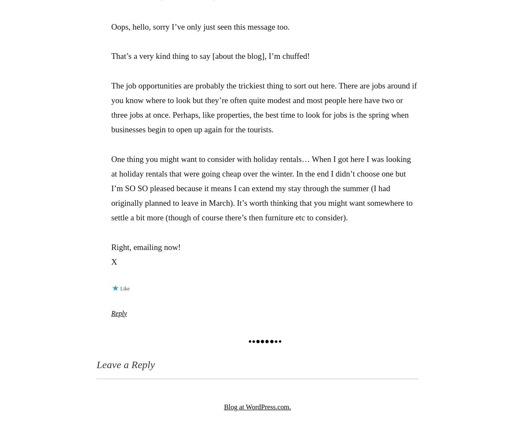  What do you see at coordinates (110, 107) in the screenshot?
I see `'The job opportunities are probably the trickiest thing to sort out here. There are jobs around if you know where to look but they’re often quite modest and most people here have two or three jobs at once. Perhaps, like properties, the best time to look for jobs is the spring when businesses begin to open up again for the tourists.'` at bounding box center [110, 107].